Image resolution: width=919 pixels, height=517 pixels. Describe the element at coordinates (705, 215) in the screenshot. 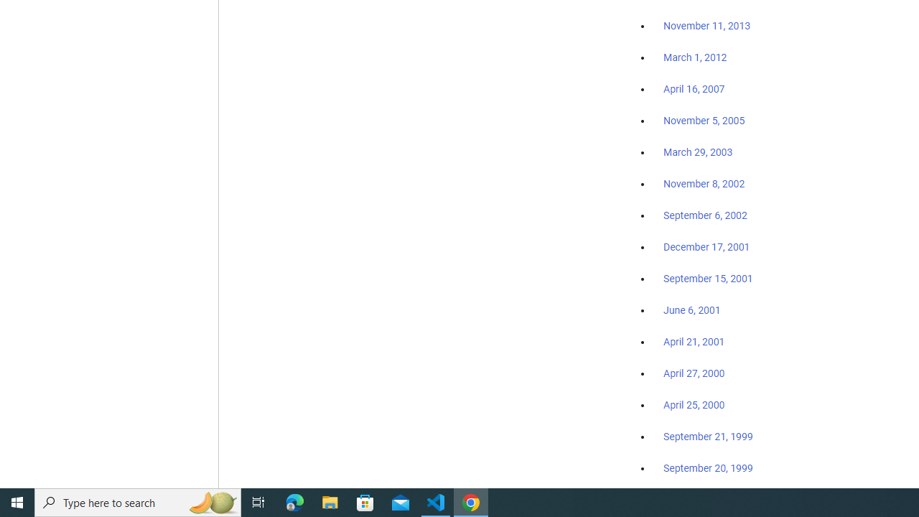

I see `'September 6, 2002'` at that location.